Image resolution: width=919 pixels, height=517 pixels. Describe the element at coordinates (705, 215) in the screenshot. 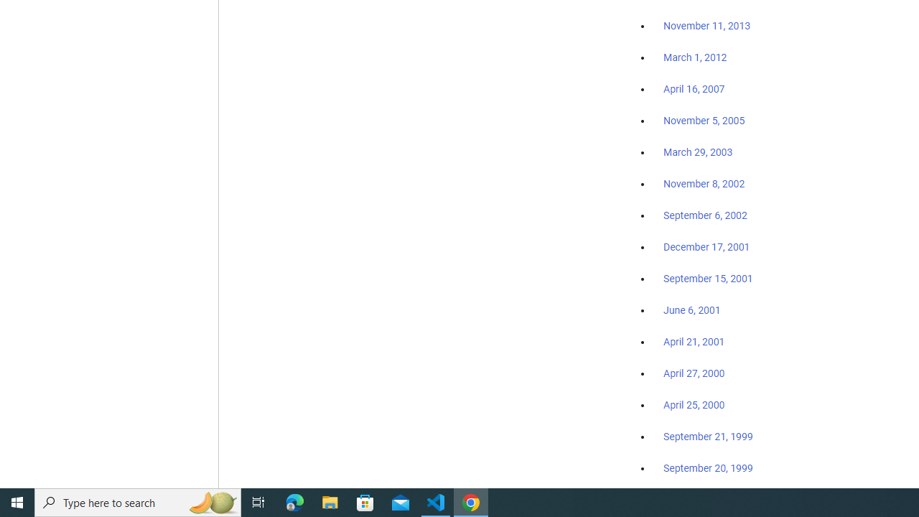

I see `'September 6, 2002'` at that location.